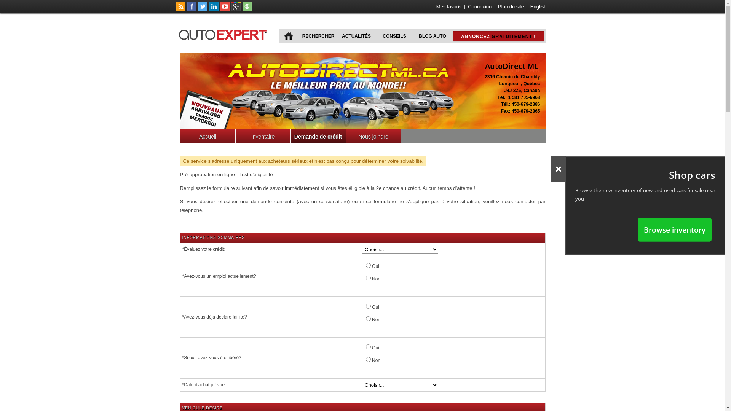  What do you see at coordinates (374, 36) in the screenshot?
I see `'CONSEILS'` at bounding box center [374, 36].